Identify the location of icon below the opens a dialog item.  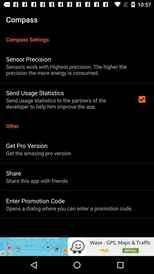
(77, 246).